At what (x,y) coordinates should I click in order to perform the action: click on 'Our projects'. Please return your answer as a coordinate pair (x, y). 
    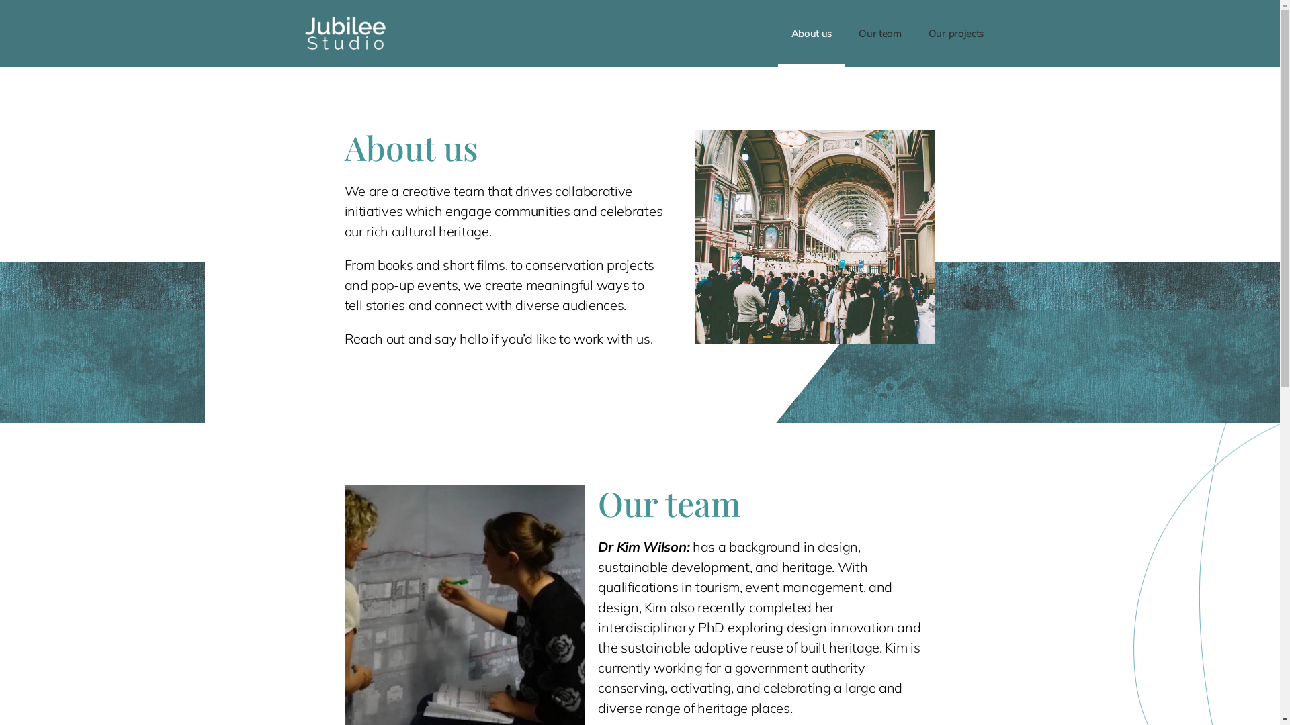
    Looking at the image, I should click on (955, 33).